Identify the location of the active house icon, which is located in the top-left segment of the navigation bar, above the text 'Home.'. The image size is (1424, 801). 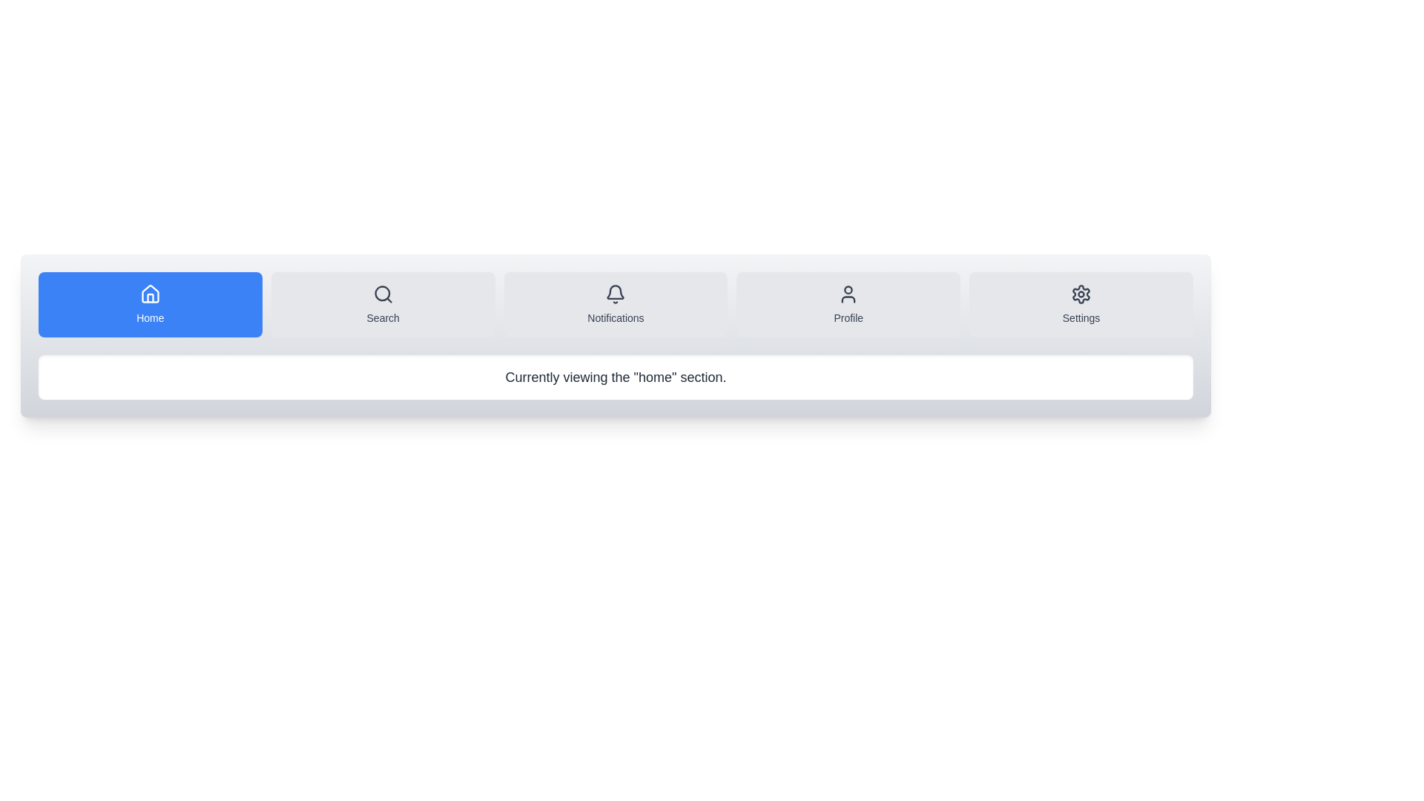
(150, 294).